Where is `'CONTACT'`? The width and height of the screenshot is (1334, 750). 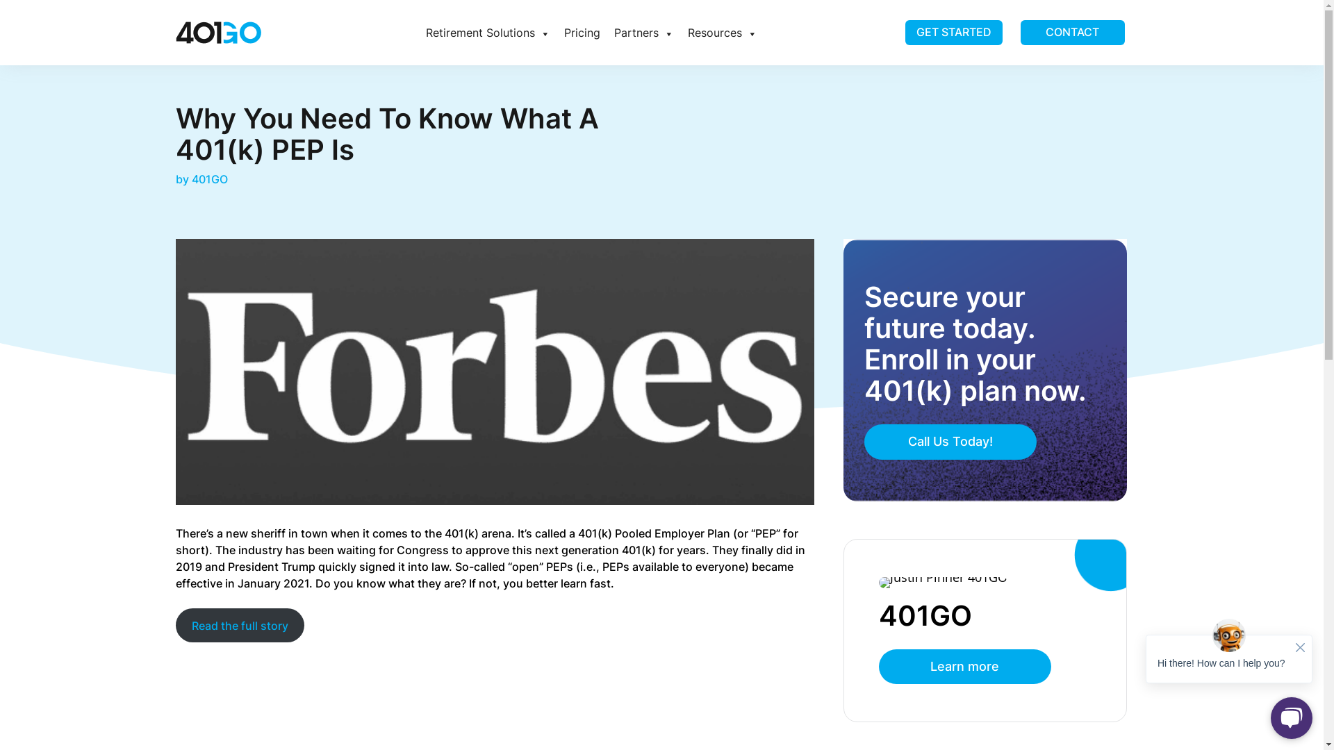
'CONTACT' is located at coordinates (1071, 32).